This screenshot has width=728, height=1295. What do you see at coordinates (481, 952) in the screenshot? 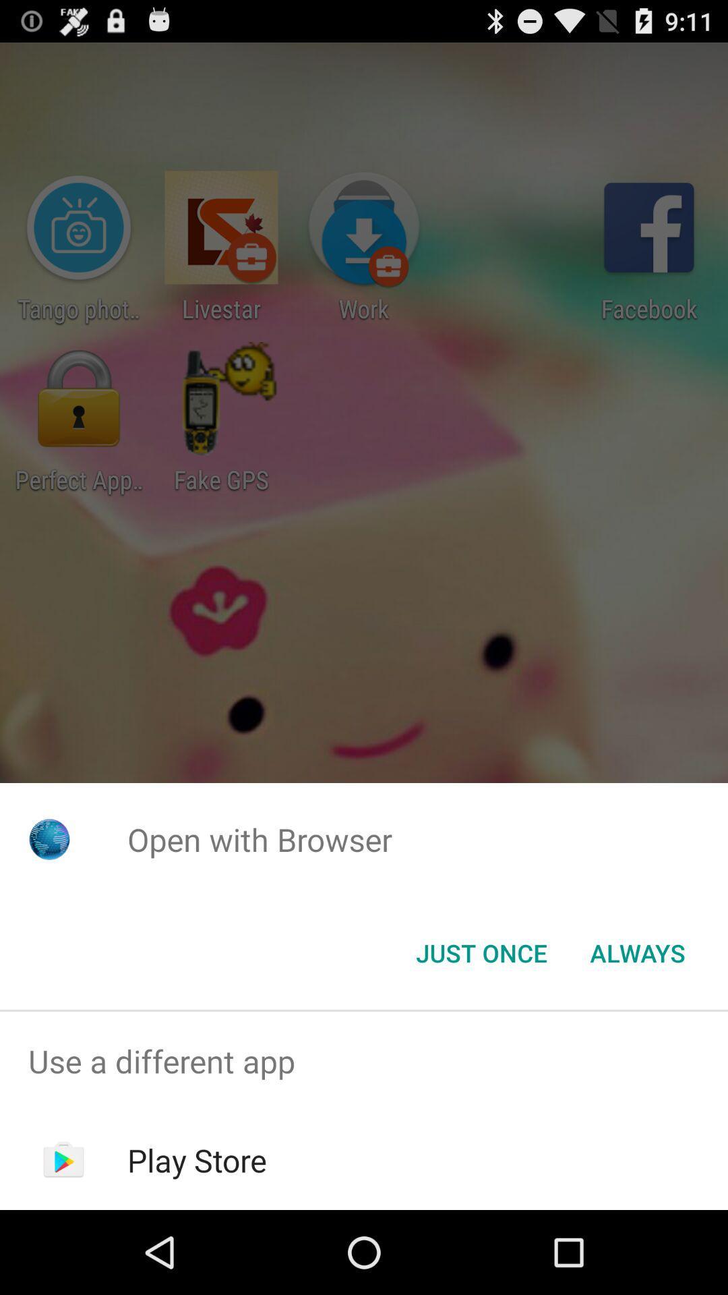
I see `the just once icon` at bounding box center [481, 952].